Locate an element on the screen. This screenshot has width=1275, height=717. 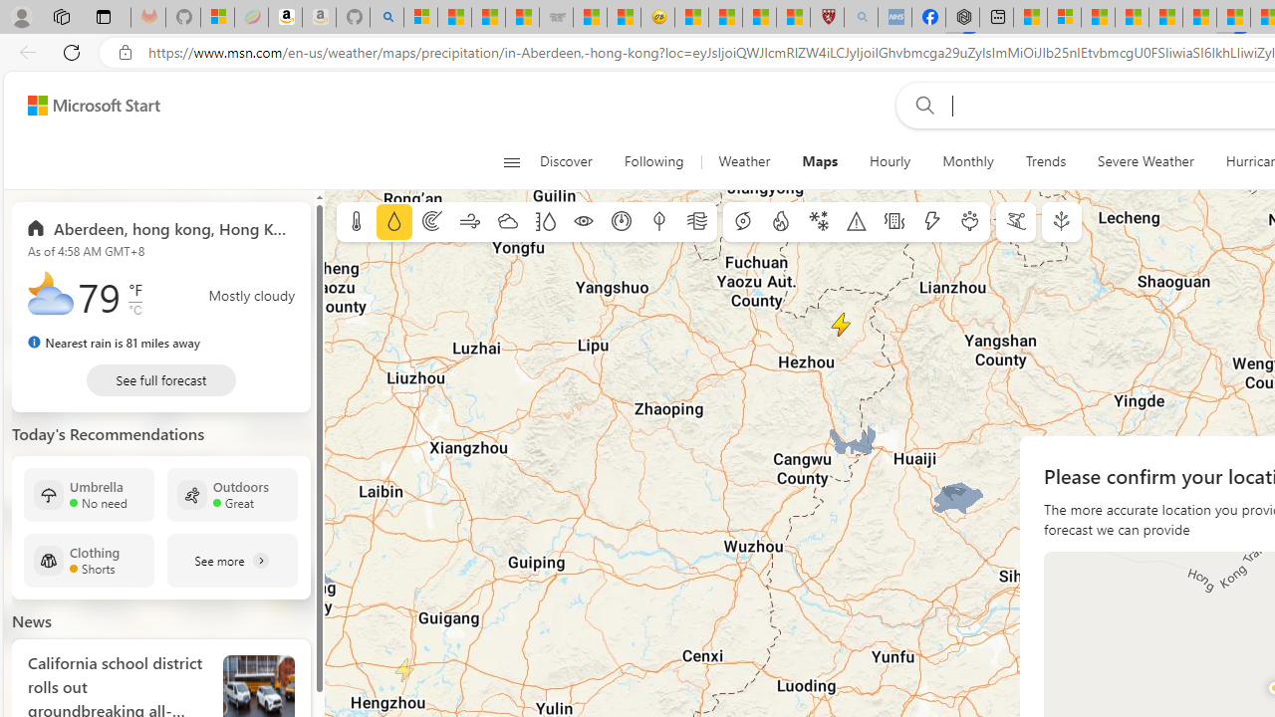
'Dew point' is located at coordinates (658, 222).